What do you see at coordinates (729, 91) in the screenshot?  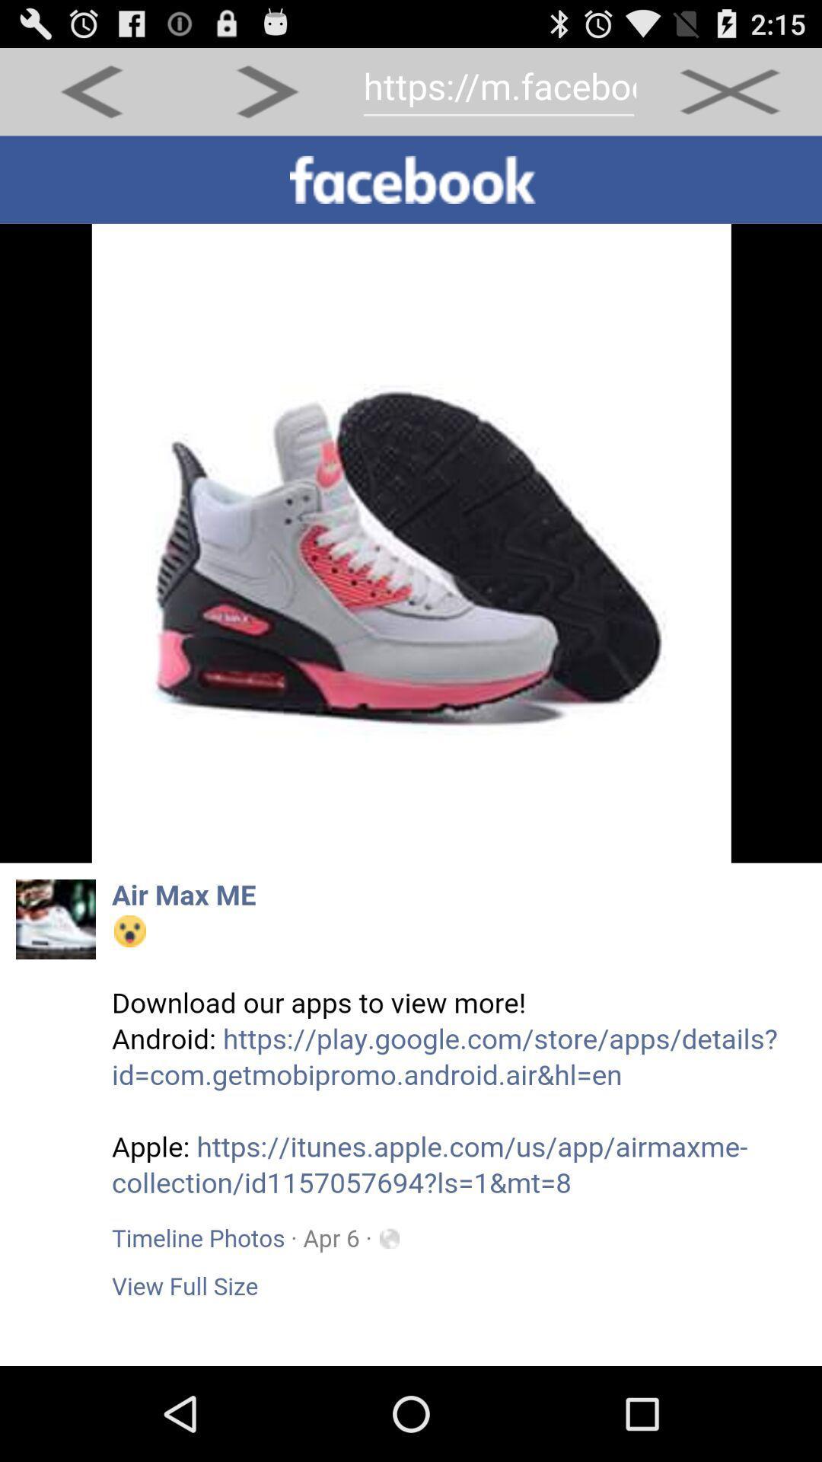 I see `the window` at bounding box center [729, 91].